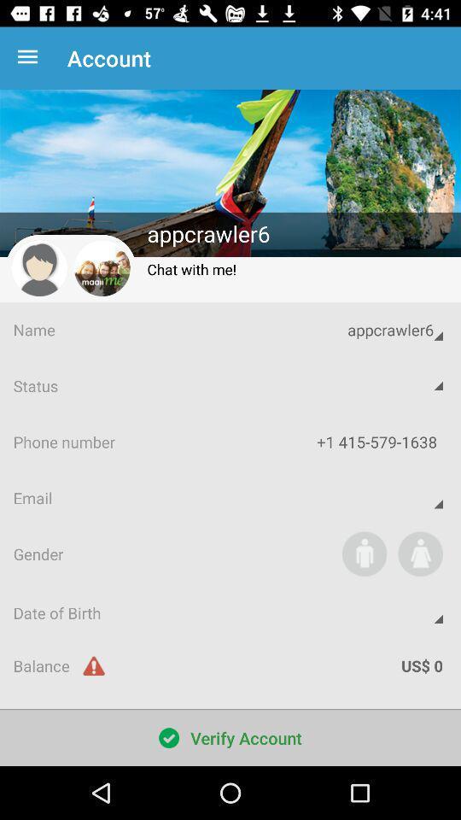  What do you see at coordinates (364, 553) in the screenshot?
I see `icon next to the gender icon` at bounding box center [364, 553].